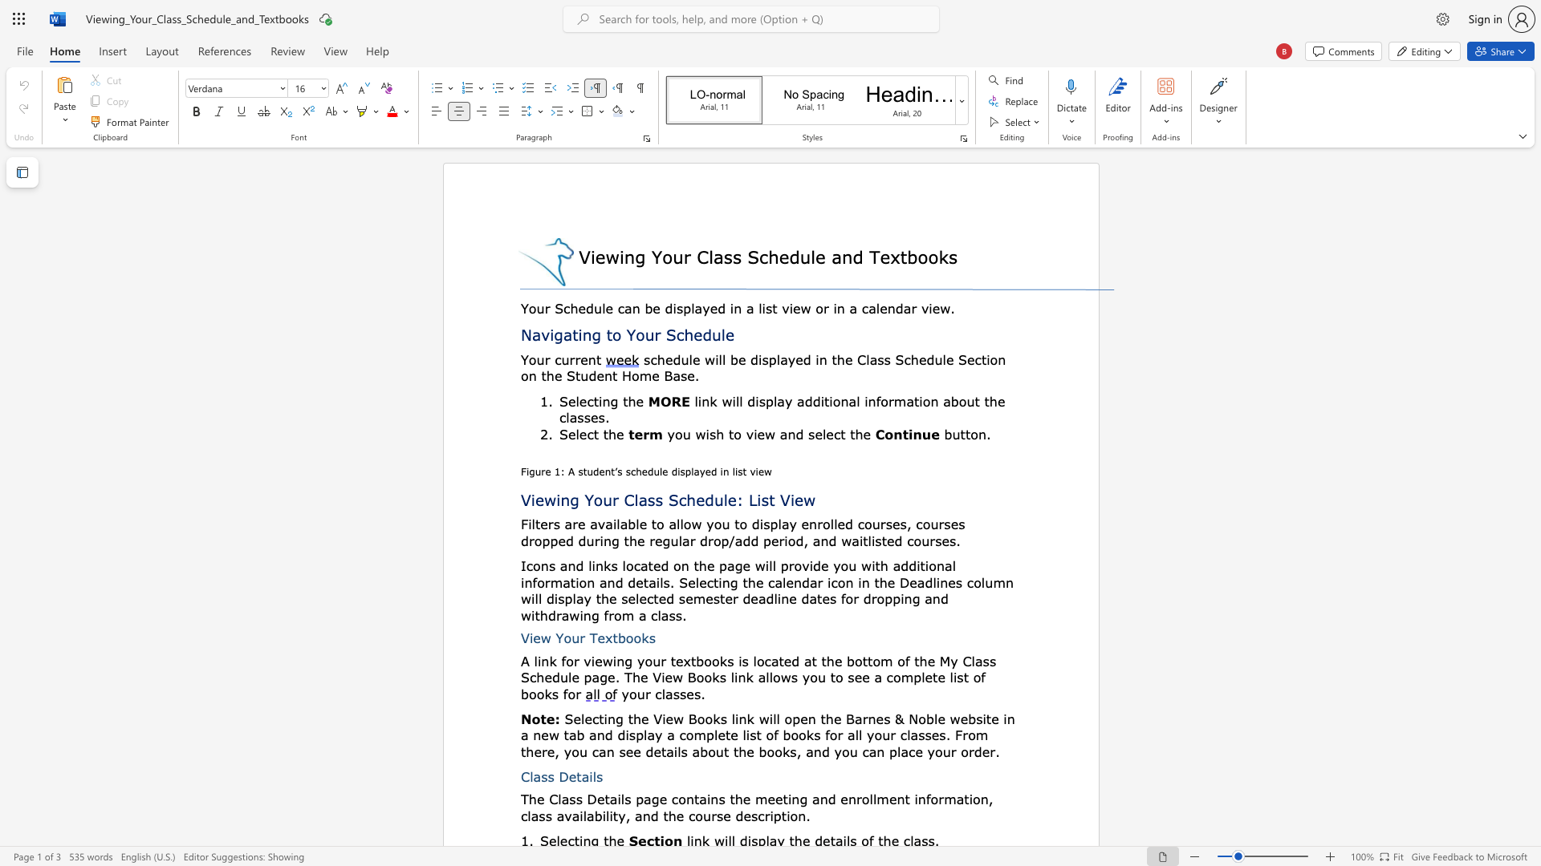 This screenshot has width=1541, height=866. I want to click on the subset text "rolled courses, courses dropped dur" within the text "Filters are available to allow you to display enrolled courses, courses dropped during the regular drop/add period, and waitlisted courses.", so click(817, 524).